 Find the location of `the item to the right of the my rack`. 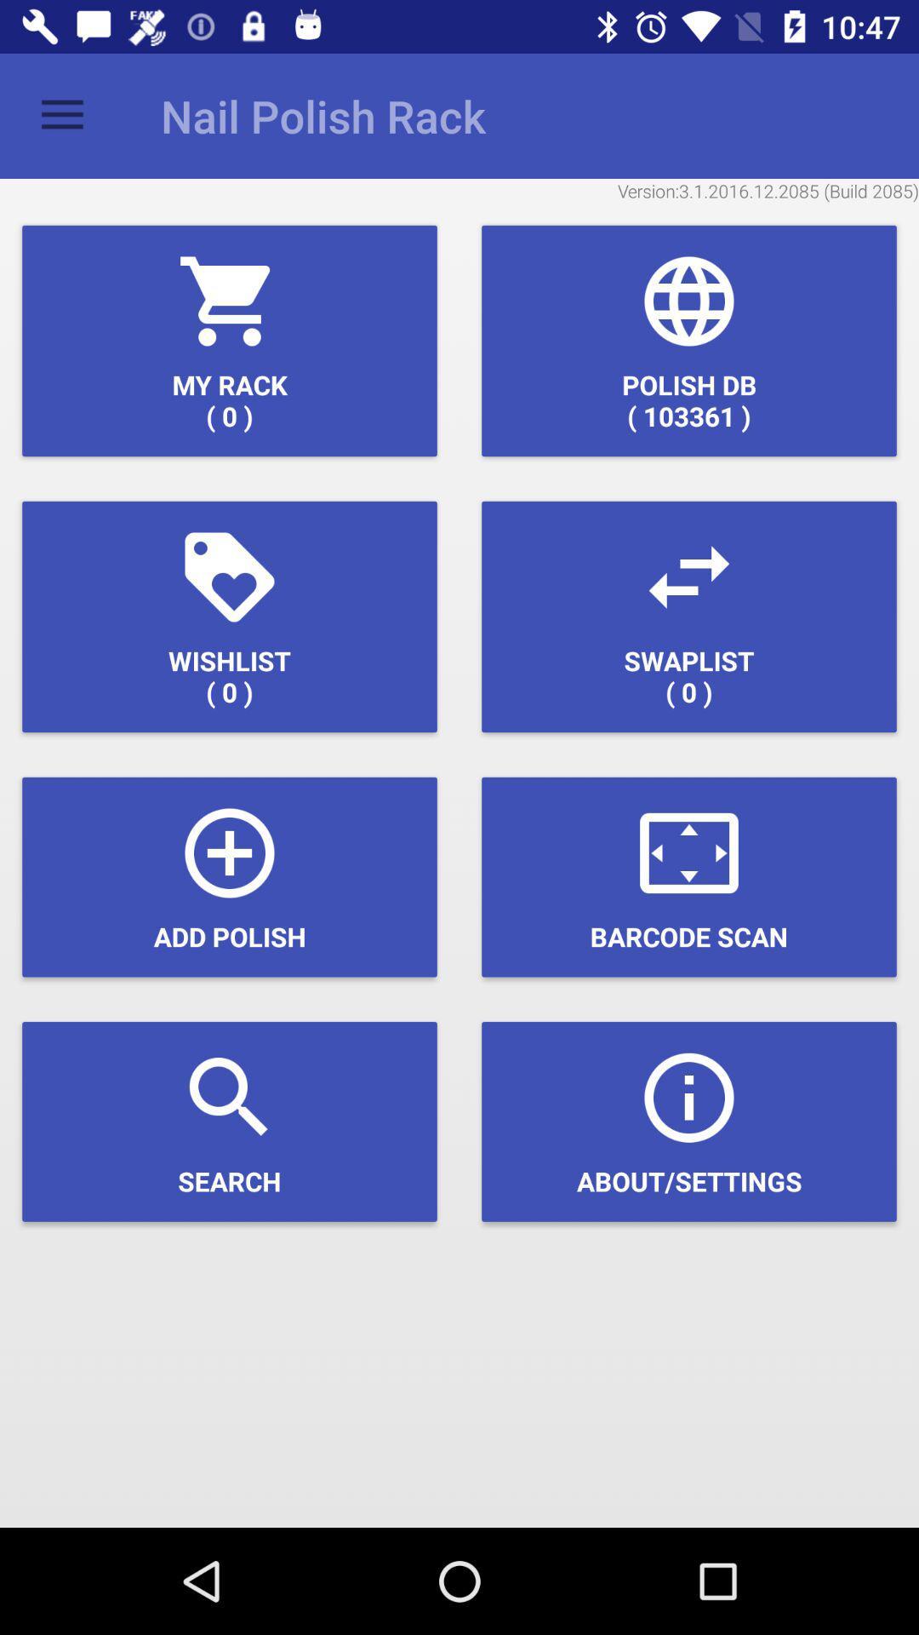

the item to the right of the my rack is located at coordinates (689, 341).